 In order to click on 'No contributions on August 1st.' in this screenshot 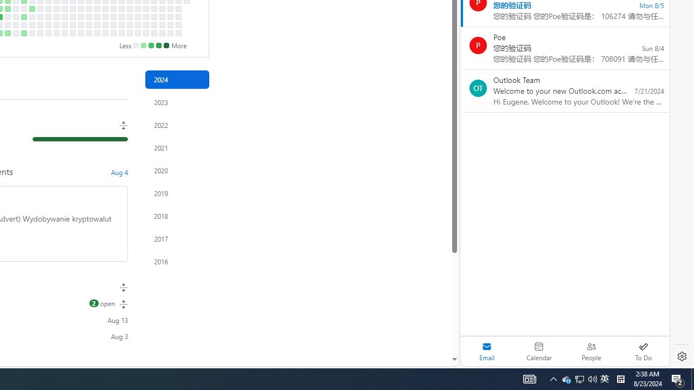, I will do `click(8, 17)`.